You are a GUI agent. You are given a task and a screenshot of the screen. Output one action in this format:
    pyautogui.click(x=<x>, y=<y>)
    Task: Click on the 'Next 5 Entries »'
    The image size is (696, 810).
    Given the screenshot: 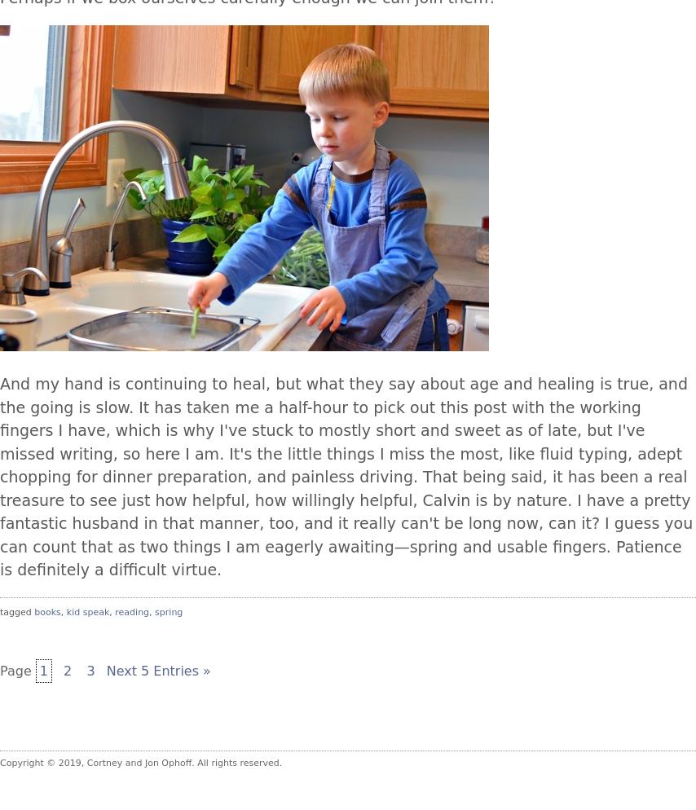 What is the action you would take?
    pyautogui.click(x=104, y=670)
    